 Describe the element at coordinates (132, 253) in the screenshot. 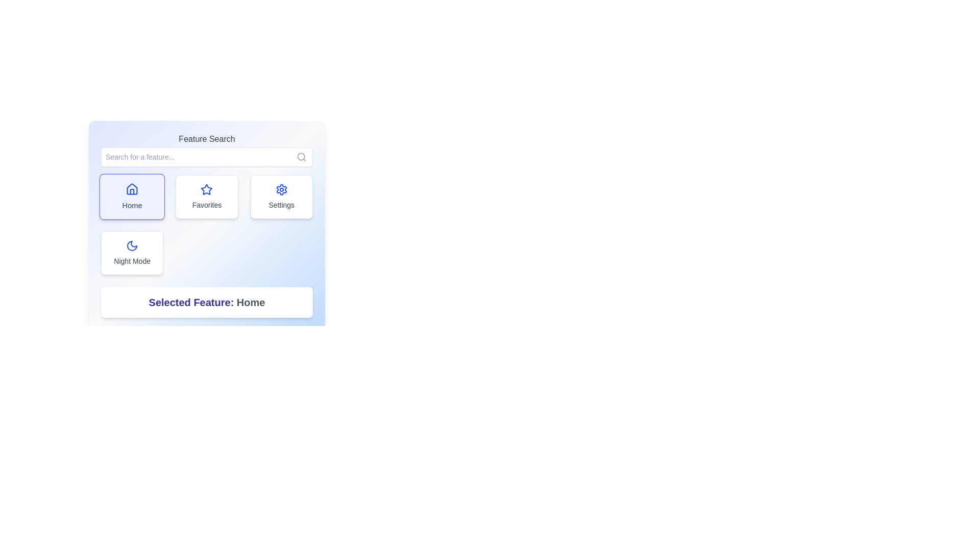

I see `the 'Night Mode' button, which is a rectangular button with a blue moon icon and gray text, located in the lower-left corner of the grid layout` at that location.